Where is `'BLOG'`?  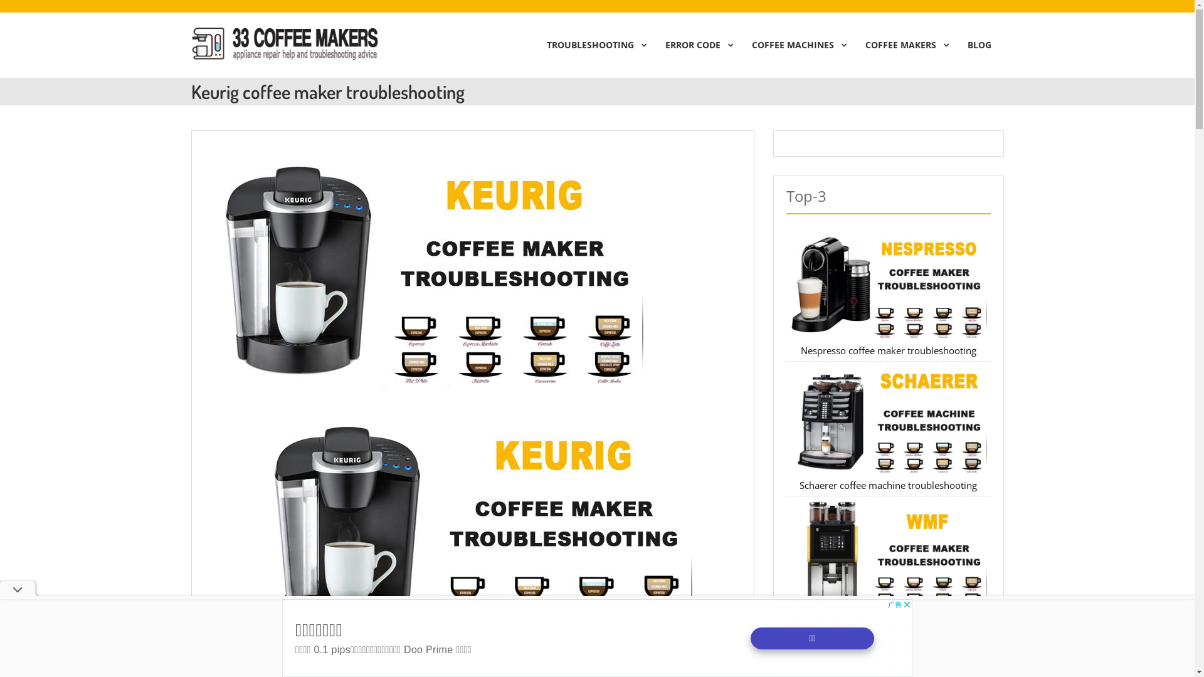
'BLOG' is located at coordinates (978, 45).